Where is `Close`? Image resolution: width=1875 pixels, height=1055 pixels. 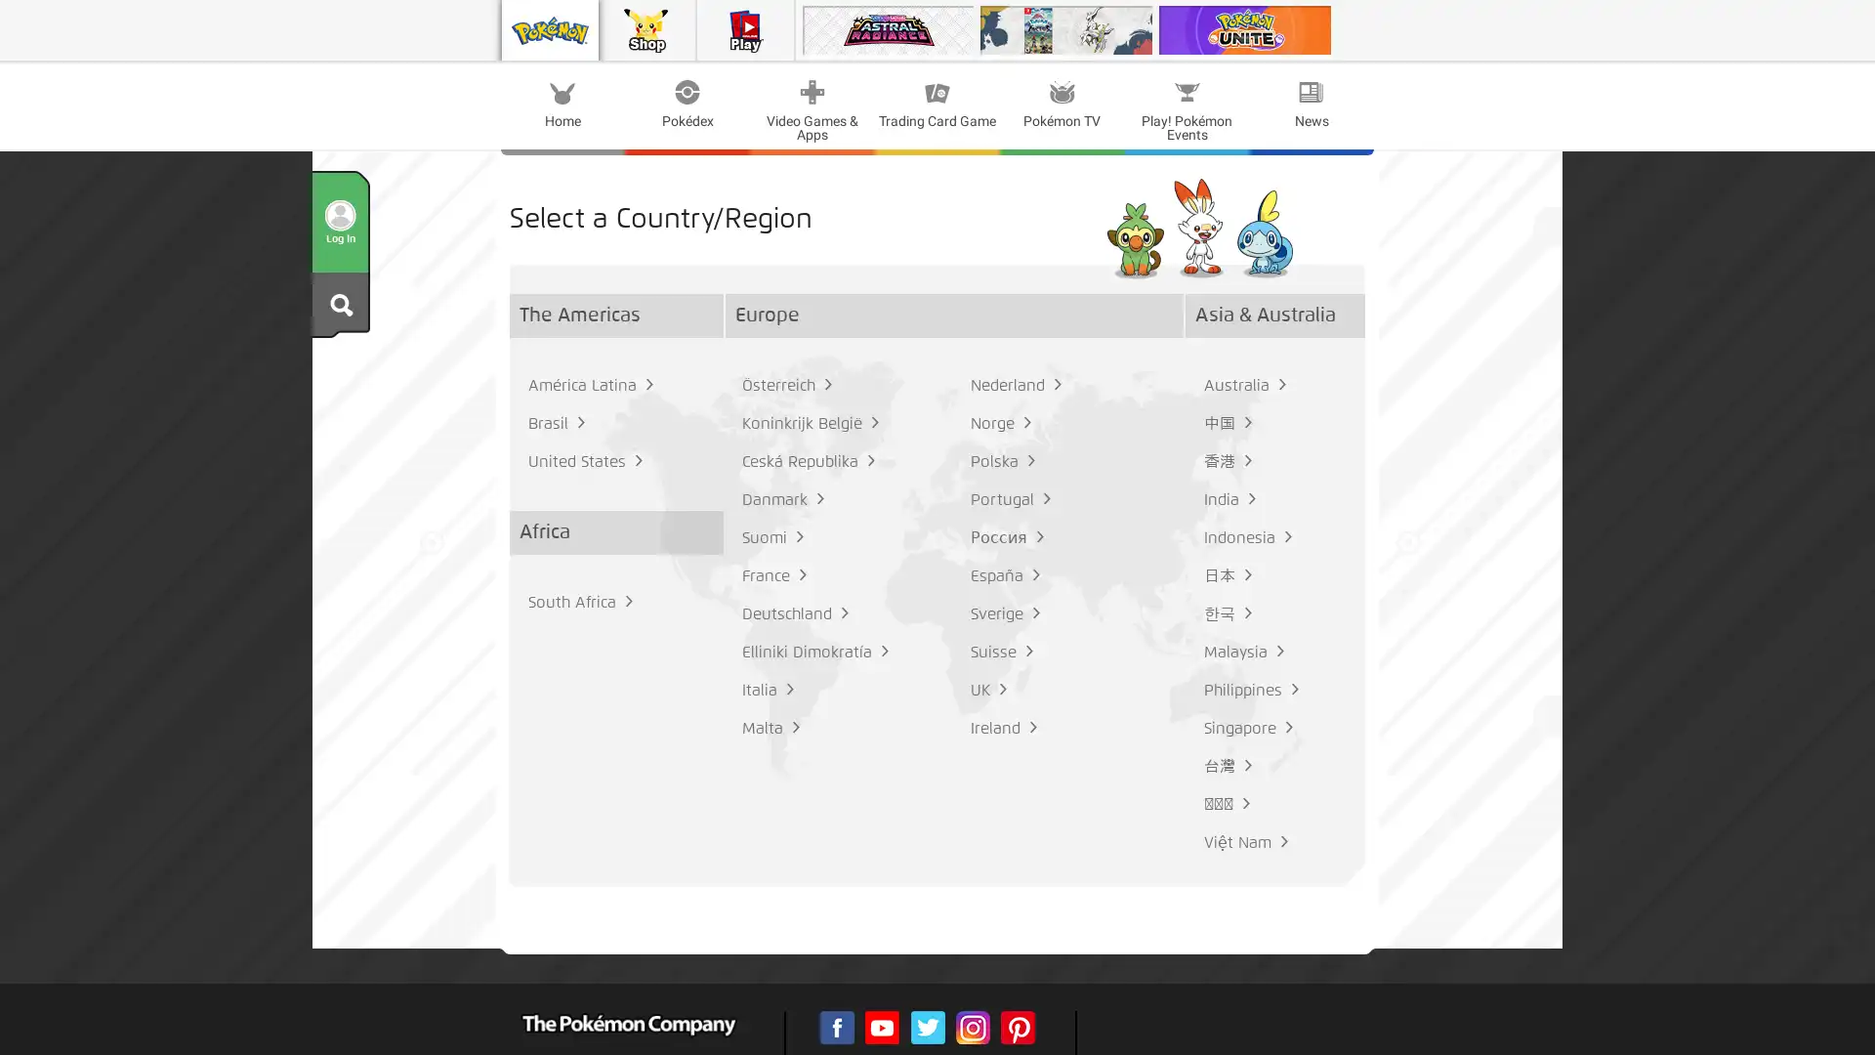 Close is located at coordinates (1232, 128).